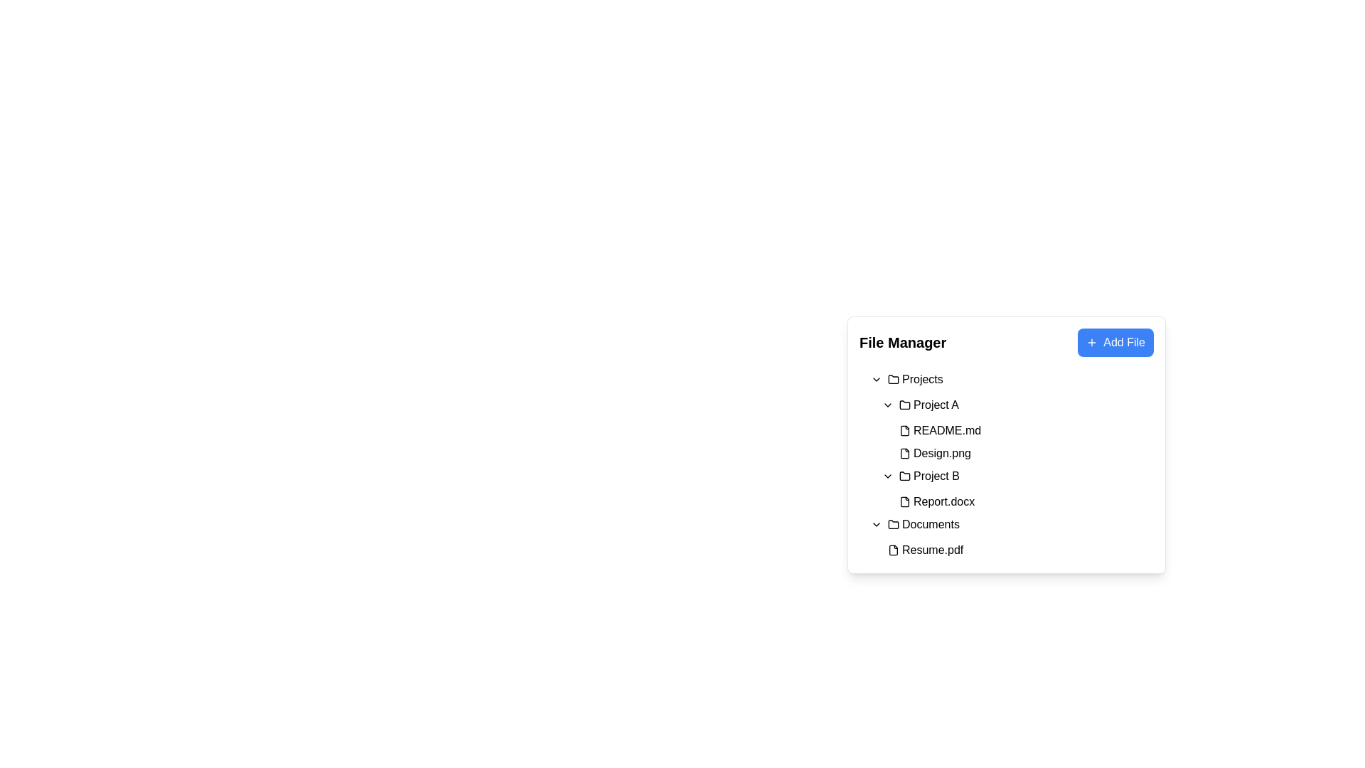 This screenshot has width=1365, height=768. Describe the element at coordinates (904, 453) in the screenshot. I see `the graphic element representing the file labeled 'Design.png' within the SVG icon in the File Manager interface` at that location.